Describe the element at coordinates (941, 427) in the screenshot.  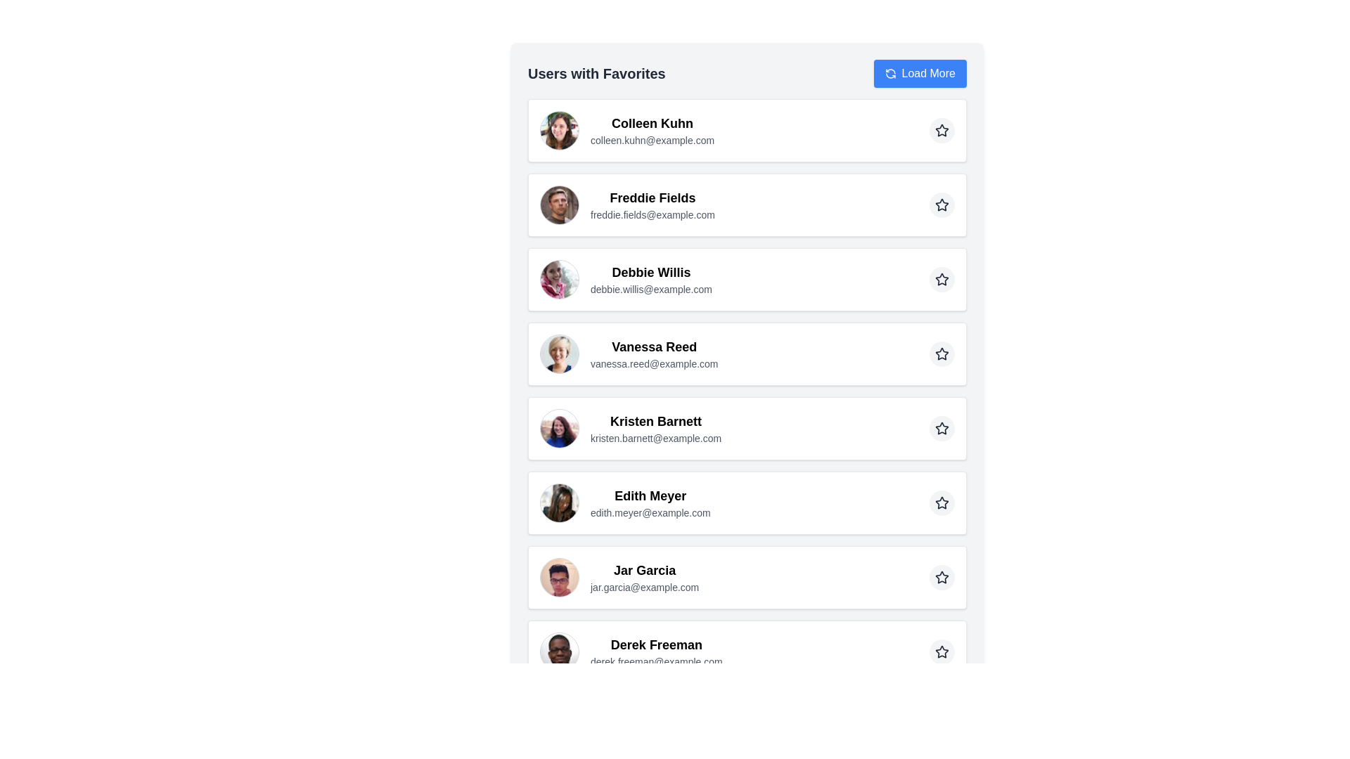
I see `the hollow star icon with rounded edges located next to the email address of user Kristen Barnett` at that location.